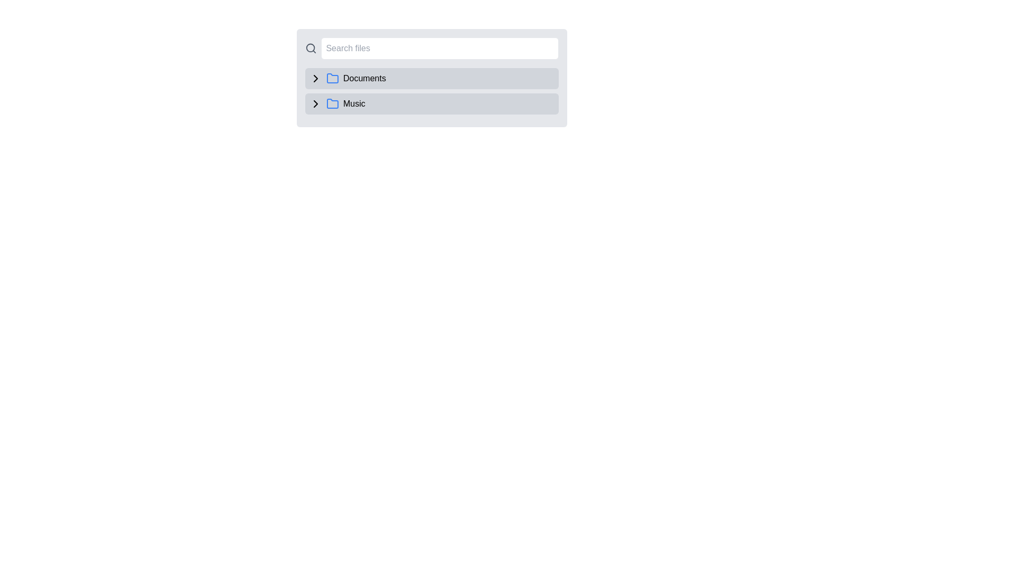  What do you see at coordinates (332, 103) in the screenshot?
I see `the 'Music' folder icon, which is the second folder` at bounding box center [332, 103].